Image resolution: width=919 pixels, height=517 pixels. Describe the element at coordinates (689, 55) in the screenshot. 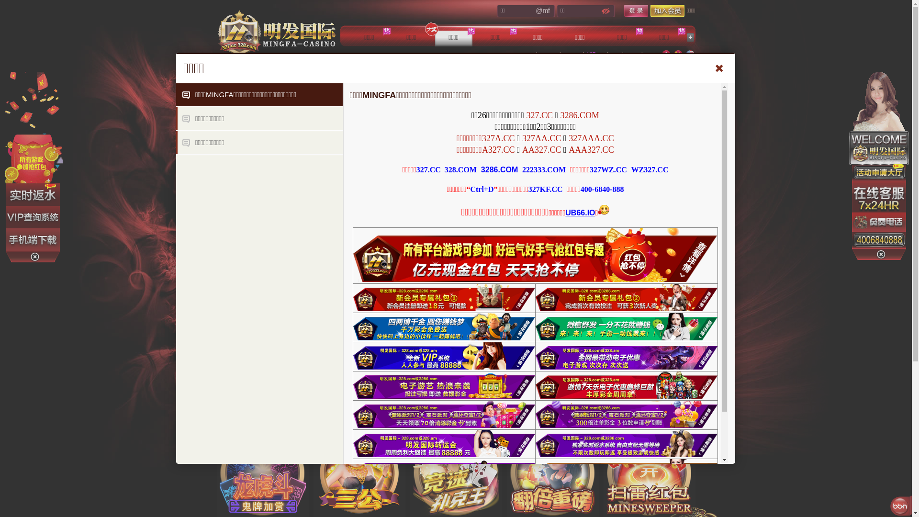

I see `'English'` at that location.